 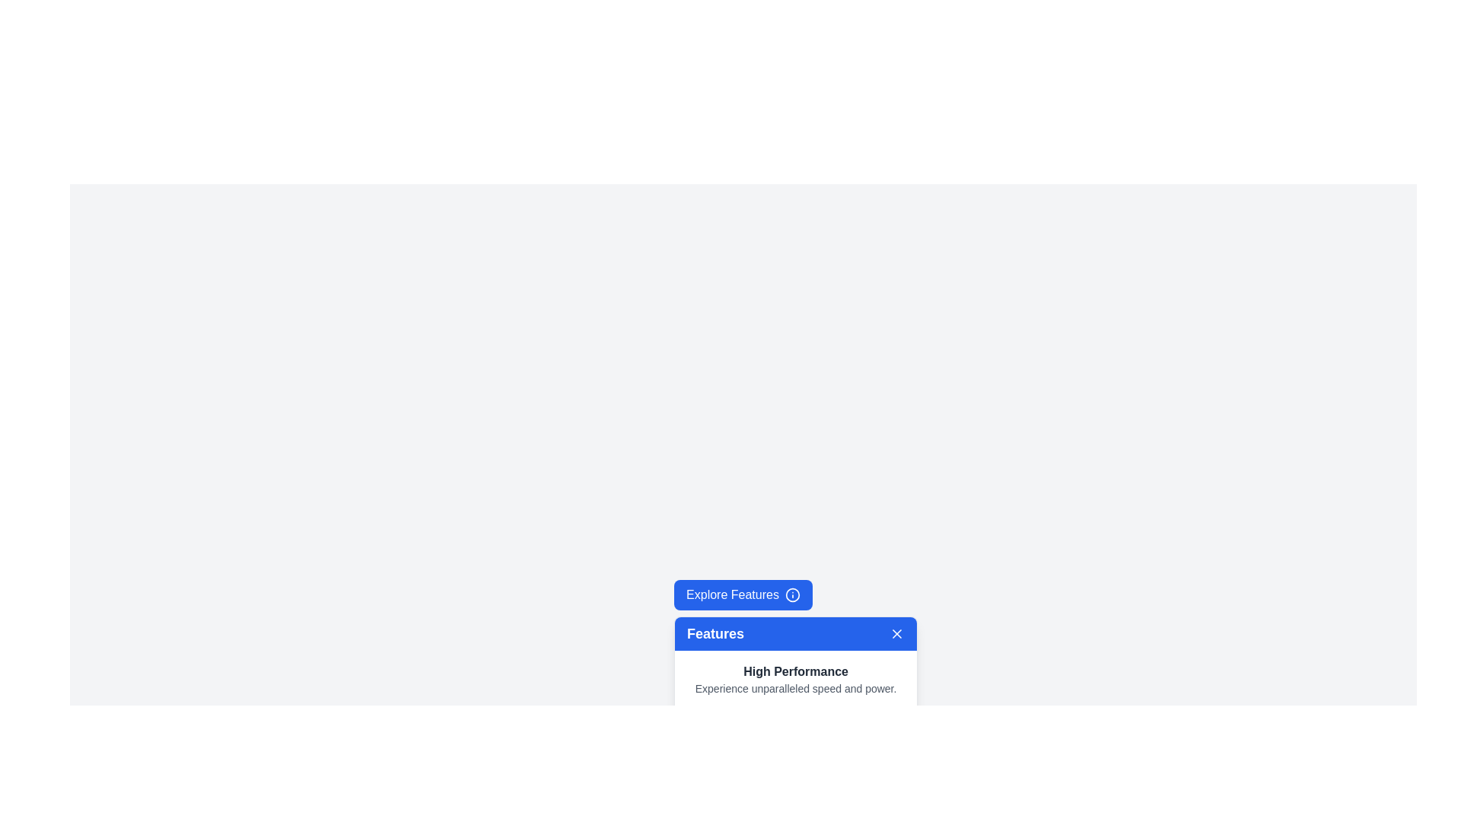 I want to click on the information icon represented as a thin-bordered circle with a lowercase 'i' inside, located near the right side of the 'Explore Features' button text, so click(x=791, y=594).